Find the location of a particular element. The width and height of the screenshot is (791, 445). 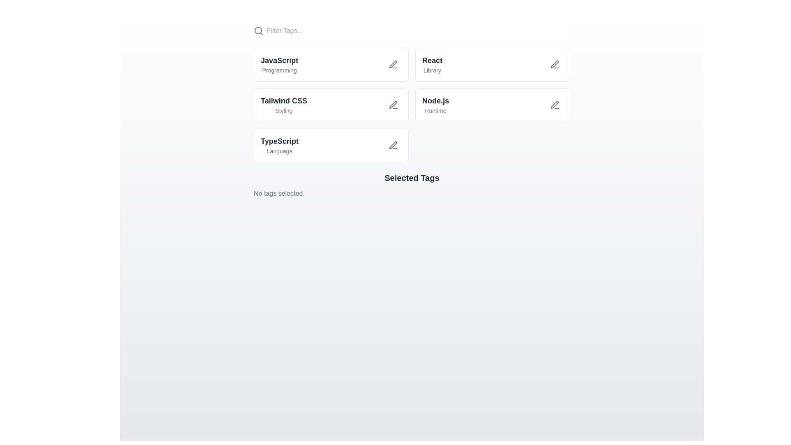

the descriptive text label located below the 'Node.js' text within the rectangular section labeled 'Node.js' is located at coordinates (435, 110).